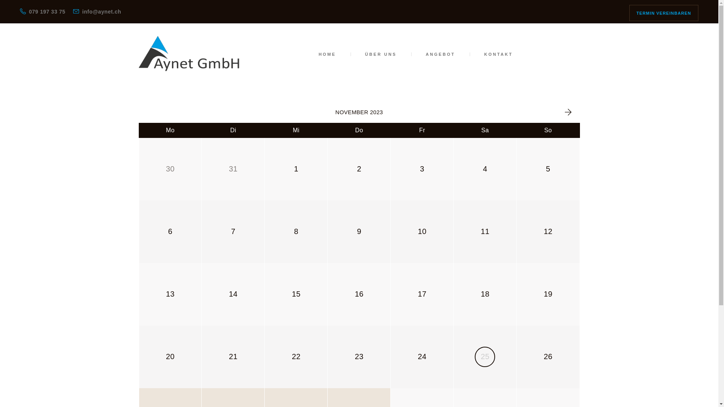 This screenshot has width=724, height=407. What do you see at coordinates (327, 54) in the screenshot?
I see `'HOME'` at bounding box center [327, 54].